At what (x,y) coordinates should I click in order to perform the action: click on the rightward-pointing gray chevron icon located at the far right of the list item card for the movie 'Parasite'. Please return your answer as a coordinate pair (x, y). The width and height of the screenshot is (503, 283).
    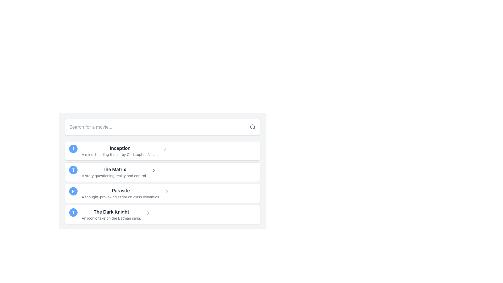
    Looking at the image, I should click on (167, 192).